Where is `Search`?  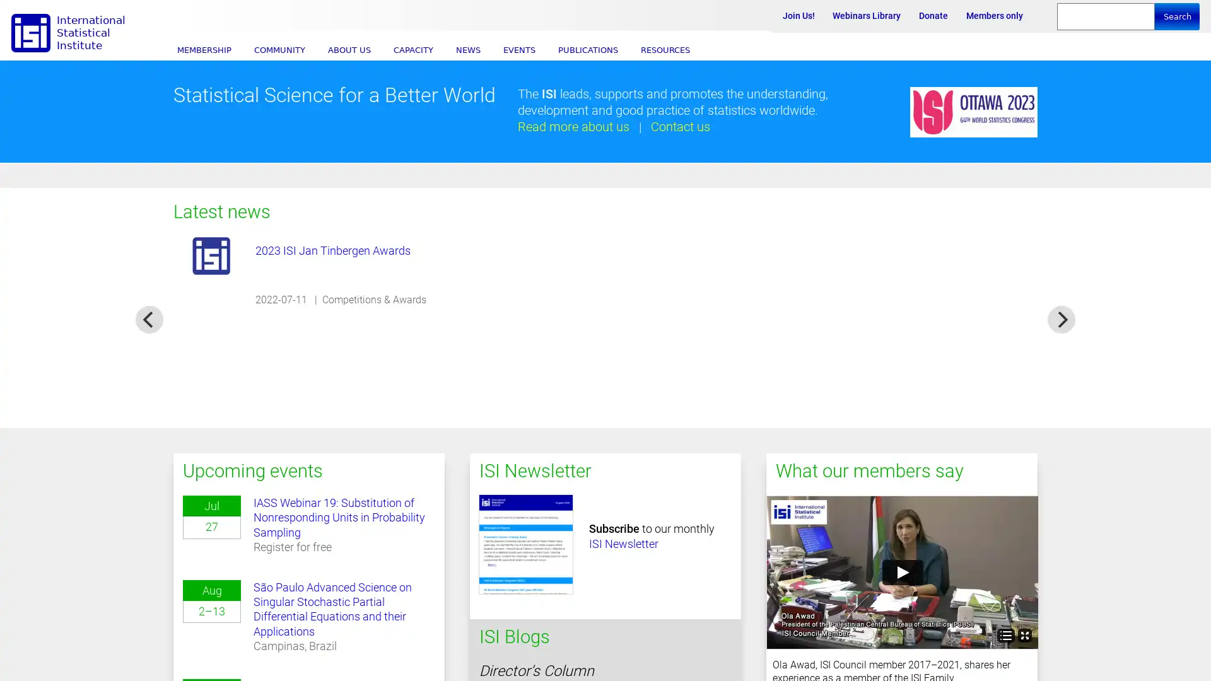
Search is located at coordinates (1176, 16).